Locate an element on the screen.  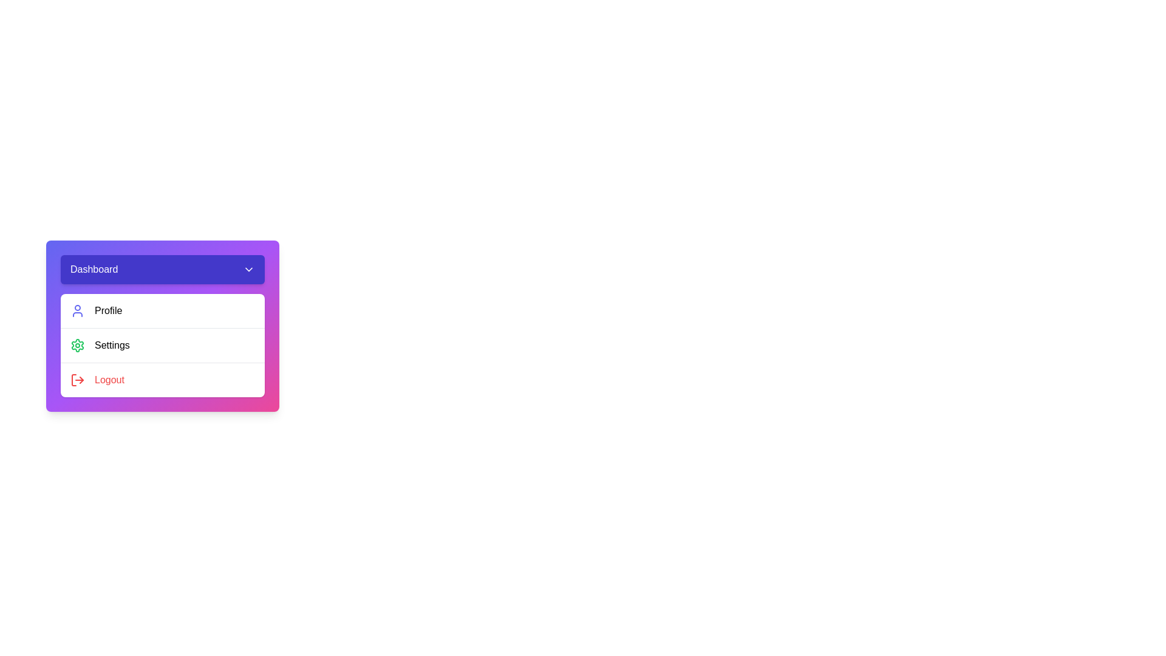
the 'Profile' option in the menu is located at coordinates (162, 310).